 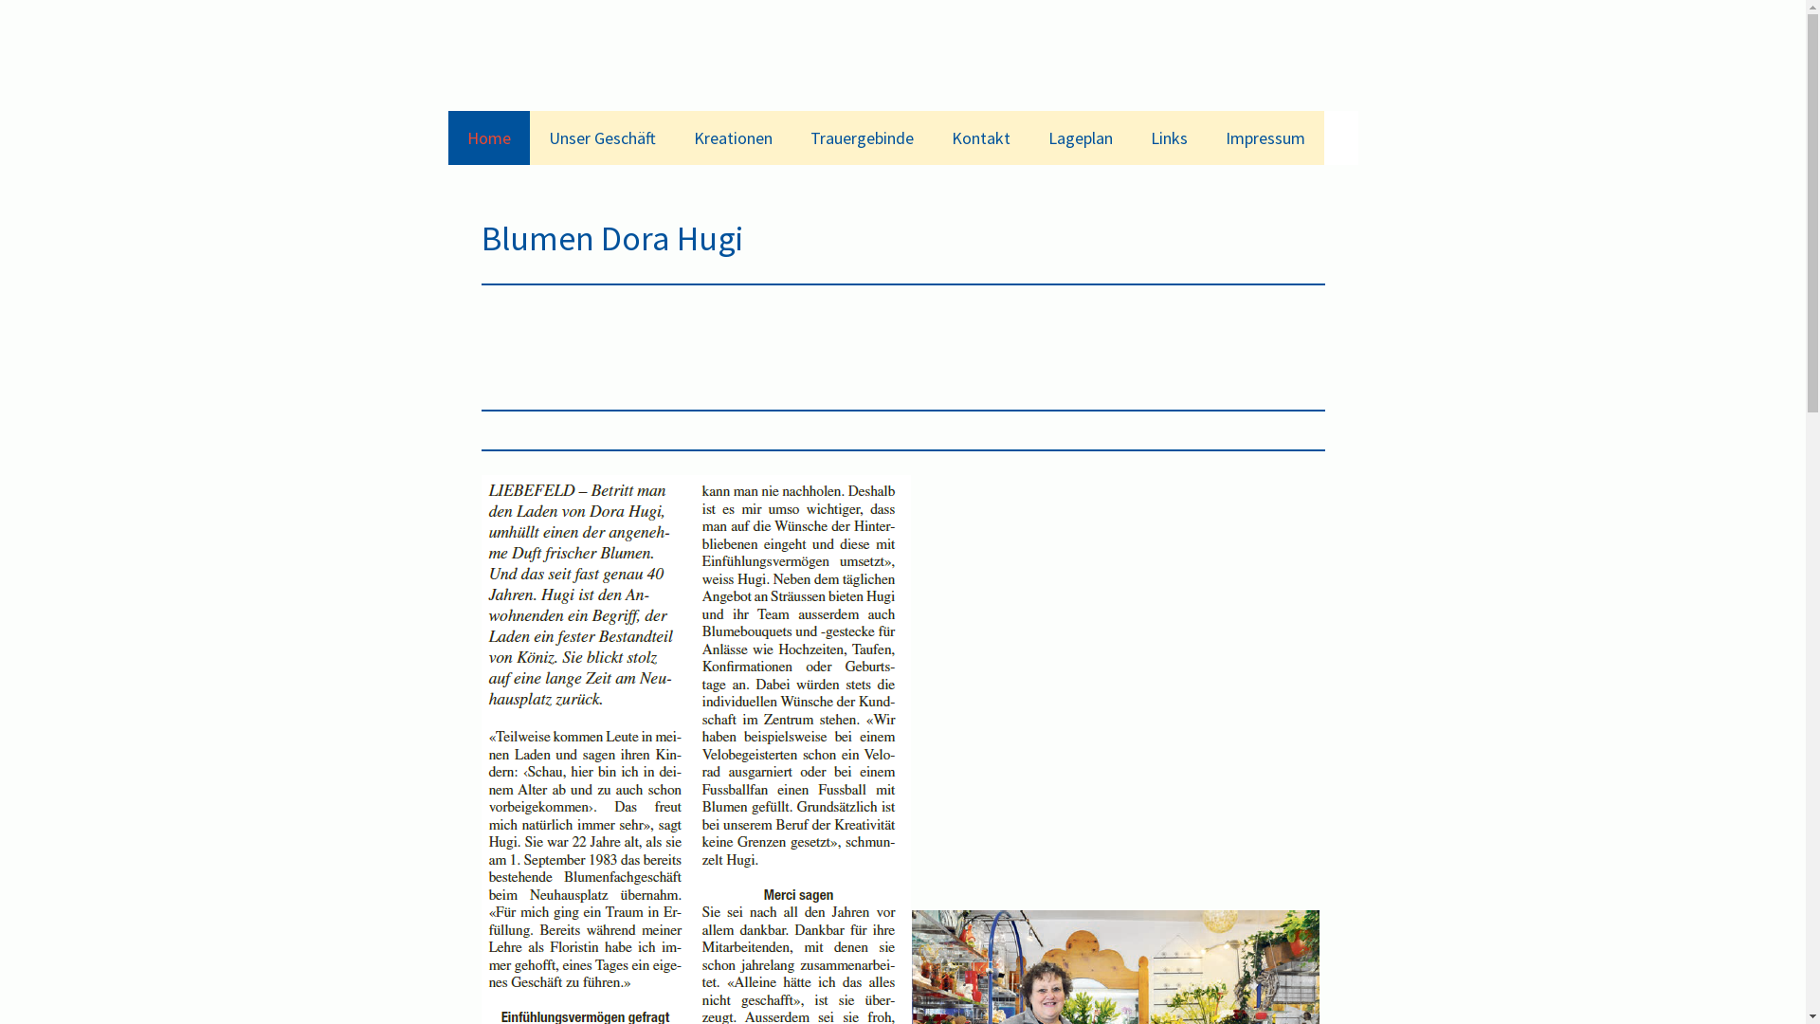 What do you see at coordinates (732, 137) in the screenshot?
I see `'Kreationen'` at bounding box center [732, 137].